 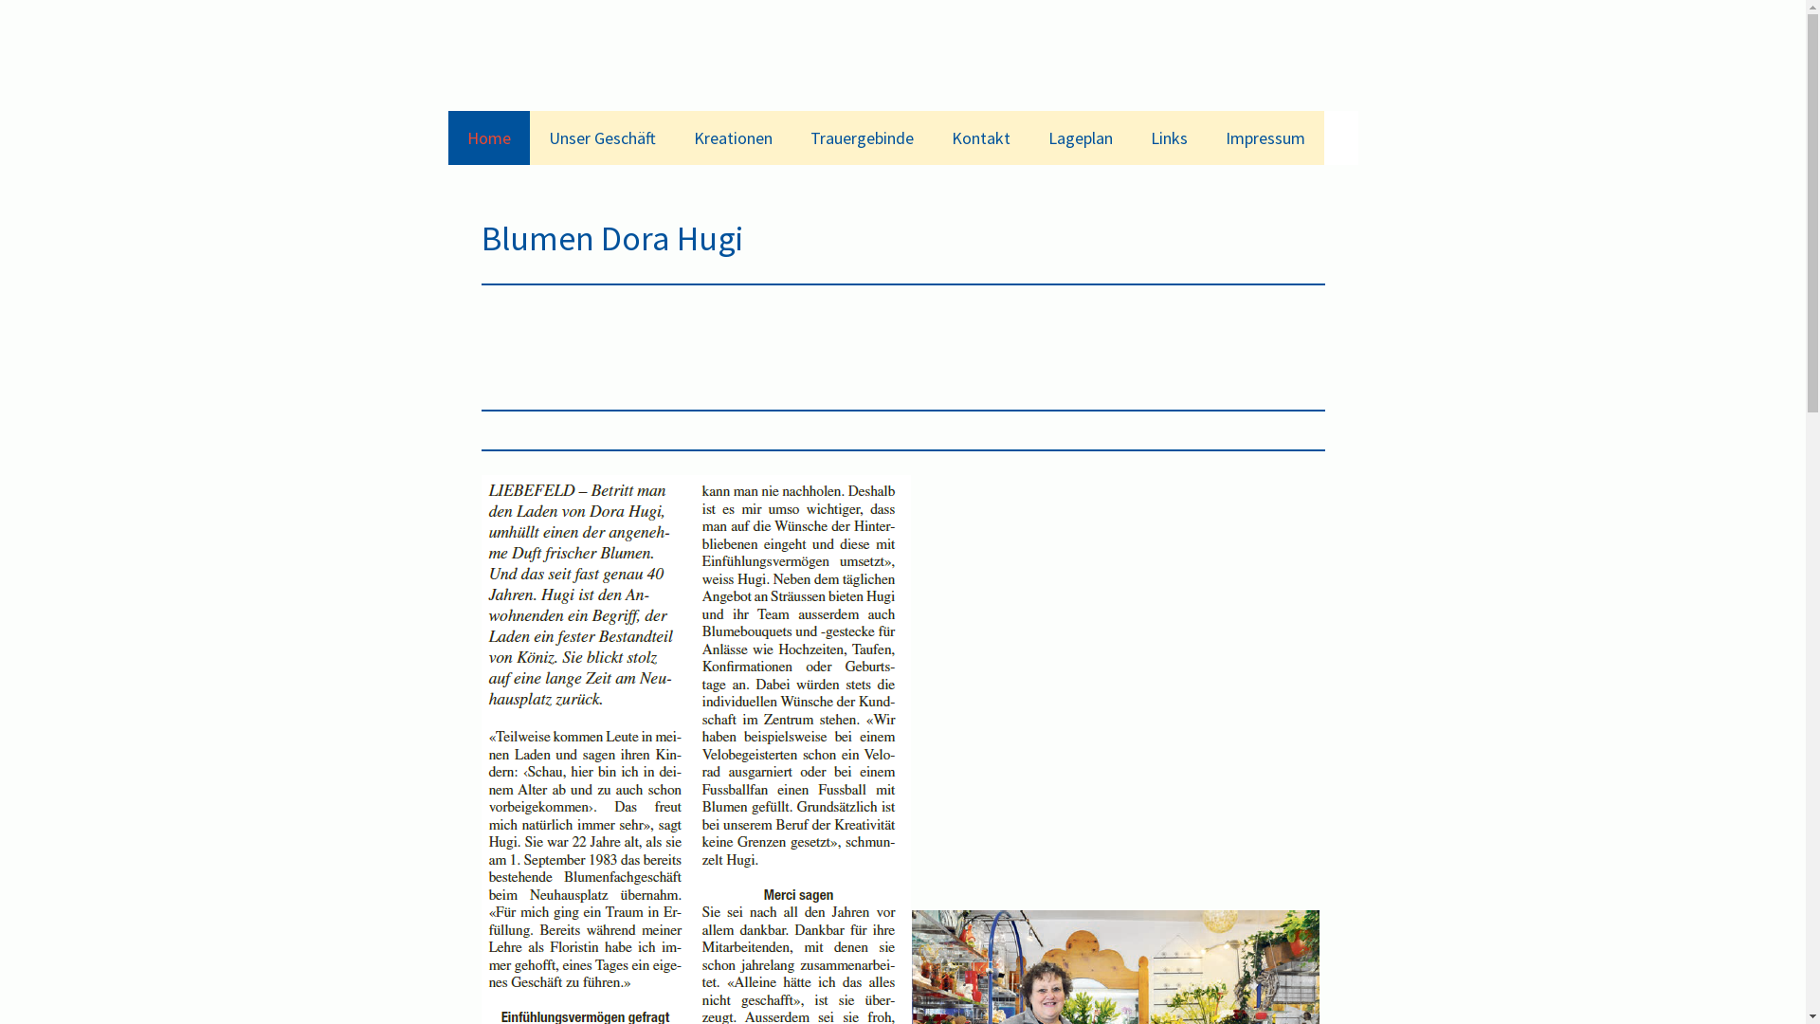 What do you see at coordinates (732, 137) in the screenshot?
I see `'Kreationen'` at bounding box center [732, 137].